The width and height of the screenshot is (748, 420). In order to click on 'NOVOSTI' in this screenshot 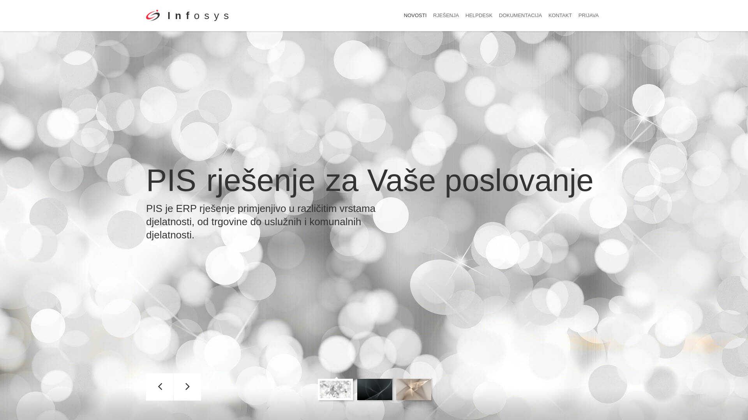, I will do `click(415, 15)`.